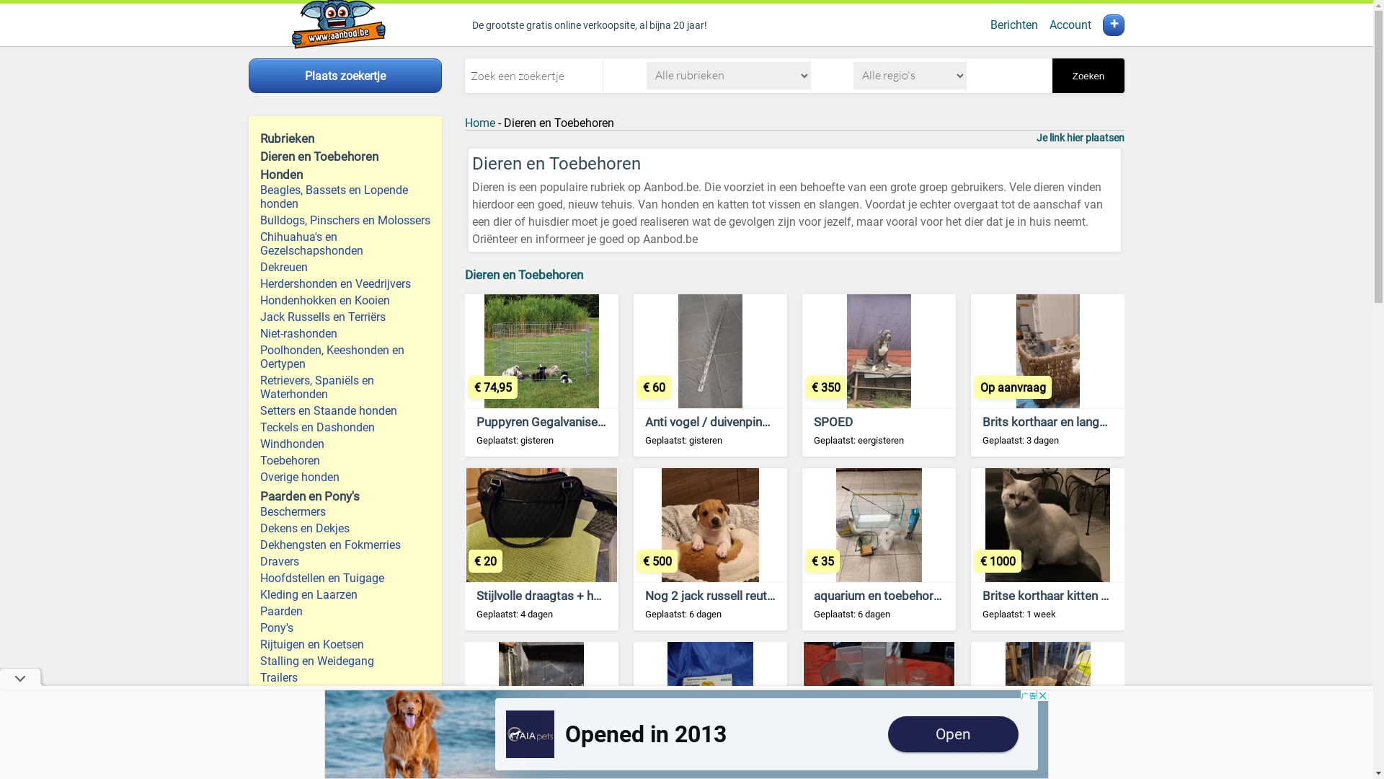 This screenshot has height=779, width=1384. What do you see at coordinates (259, 356) in the screenshot?
I see `'Poolhonden, Keeshonden en Oertypen'` at bounding box center [259, 356].